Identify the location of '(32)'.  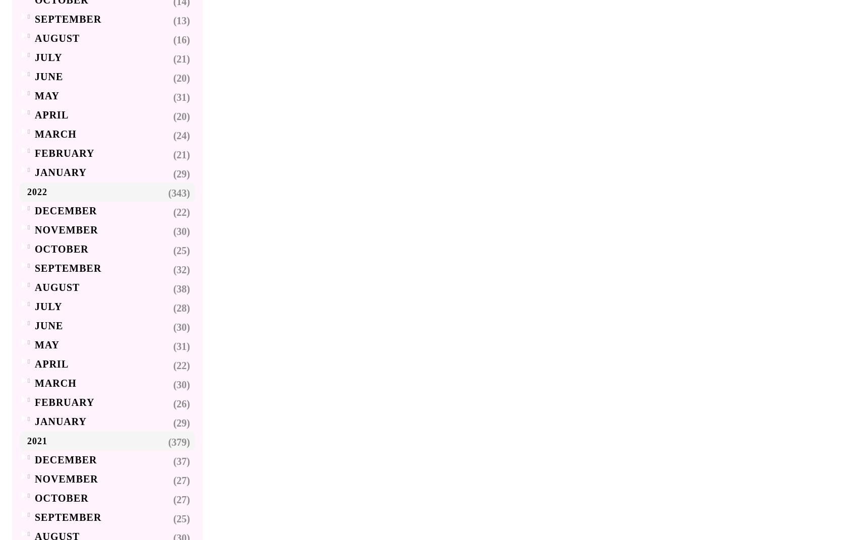
(172, 269).